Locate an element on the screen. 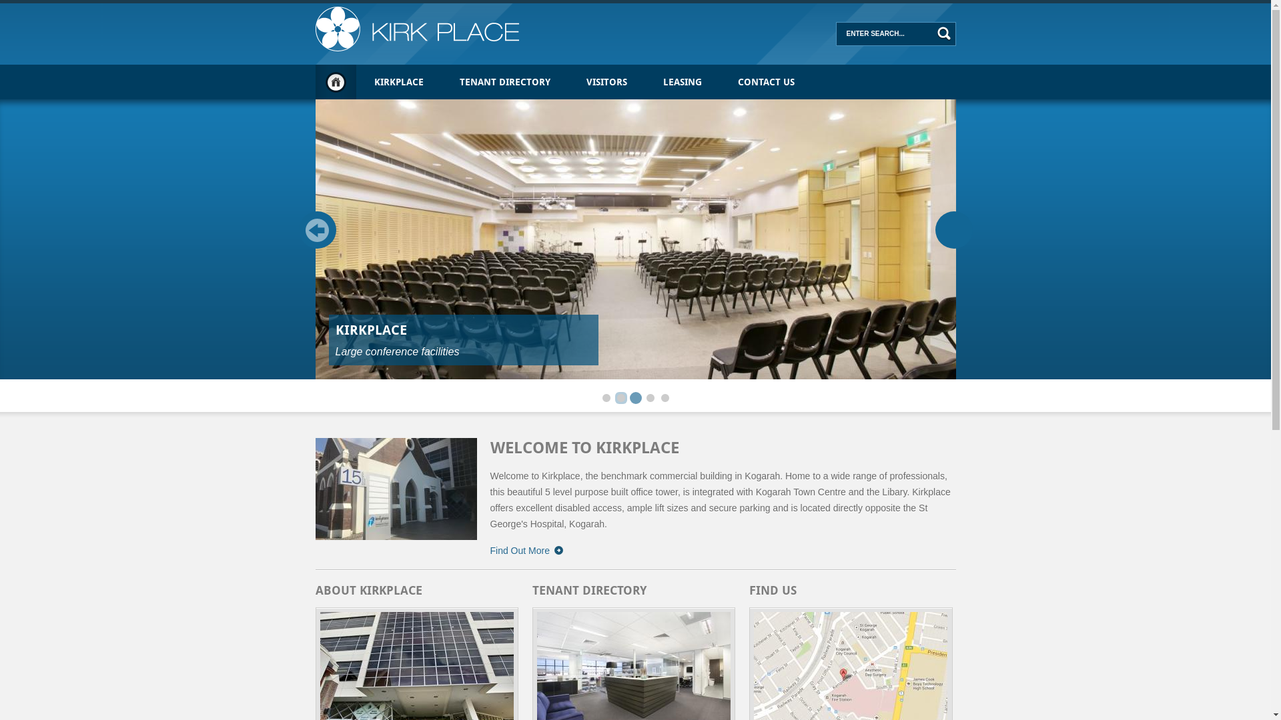  'Find Out More' is located at coordinates (532, 550).